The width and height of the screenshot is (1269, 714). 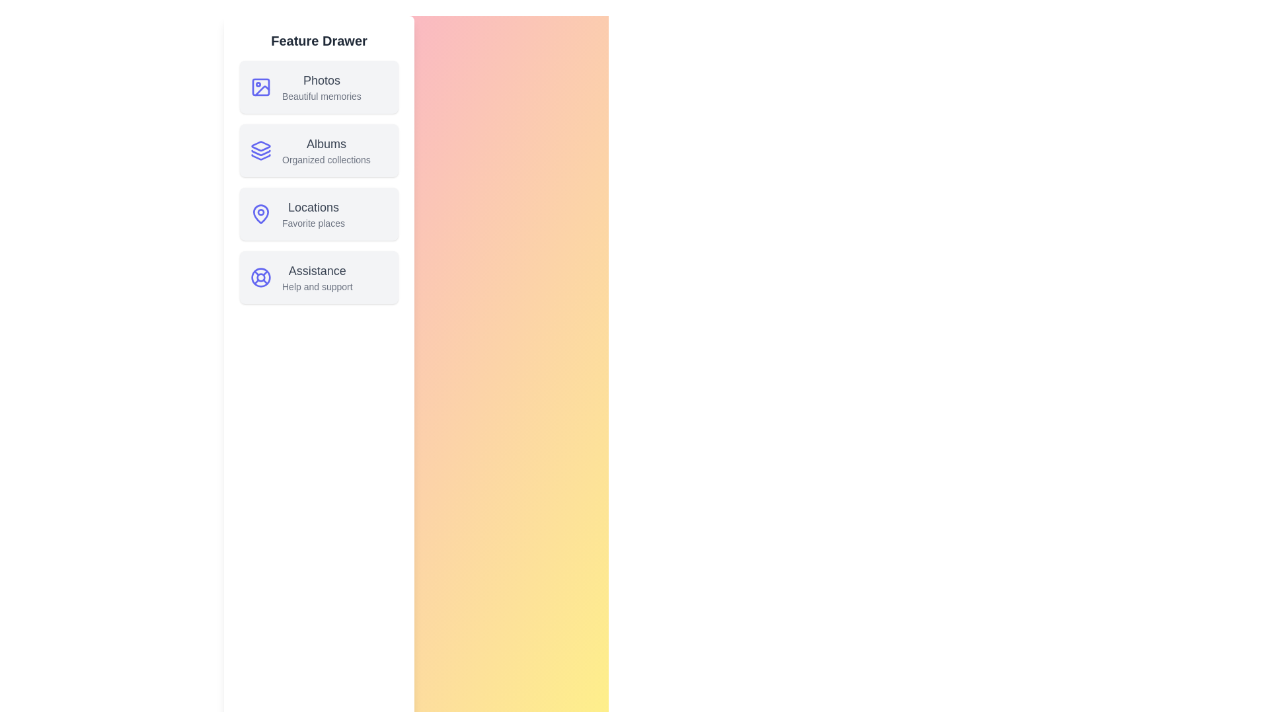 What do you see at coordinates (319, 277) in the screenshot?
I see `the feature item Assistance to reveal its effect` at bounding box center [319, 277].